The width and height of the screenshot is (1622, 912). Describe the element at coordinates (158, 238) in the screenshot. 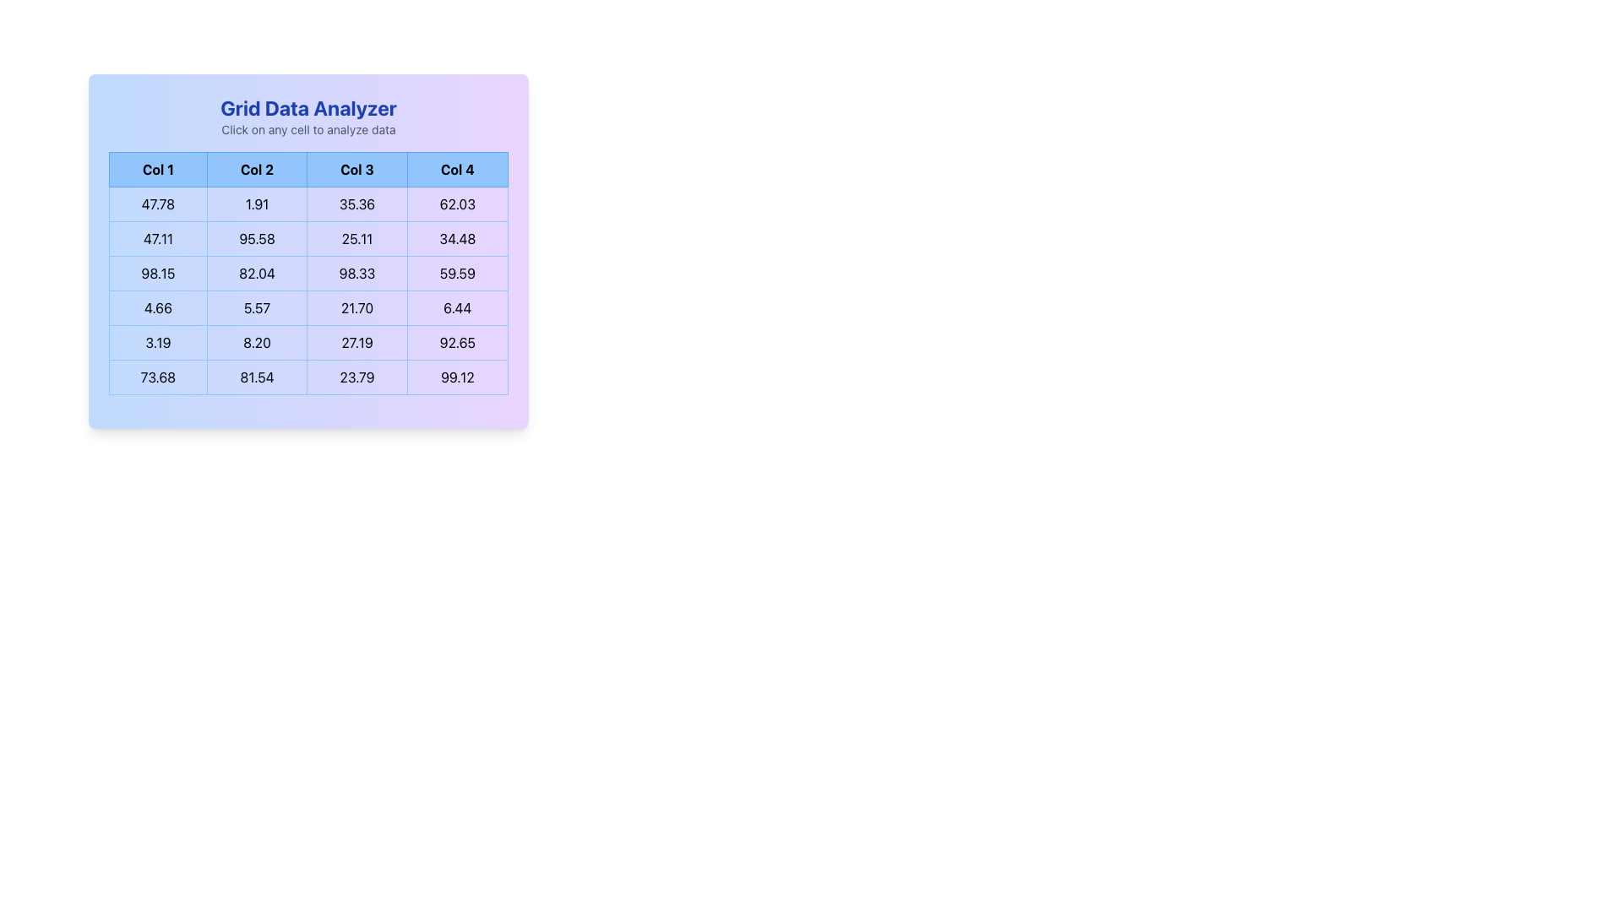

I see `the numeric value displayed in the table cell located in the second row under the first column ('Col 1')` at that location.